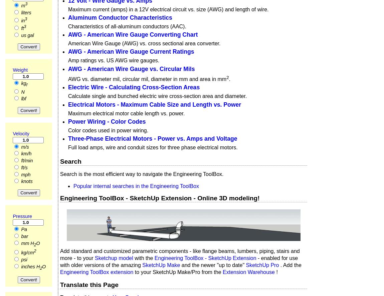 This screenshot has width=384, height=296. What do you see at coordinates (107, 121) in the screenshot?
I see `'Power Wiring - Color Codes'` at bounding box center [107, 121].